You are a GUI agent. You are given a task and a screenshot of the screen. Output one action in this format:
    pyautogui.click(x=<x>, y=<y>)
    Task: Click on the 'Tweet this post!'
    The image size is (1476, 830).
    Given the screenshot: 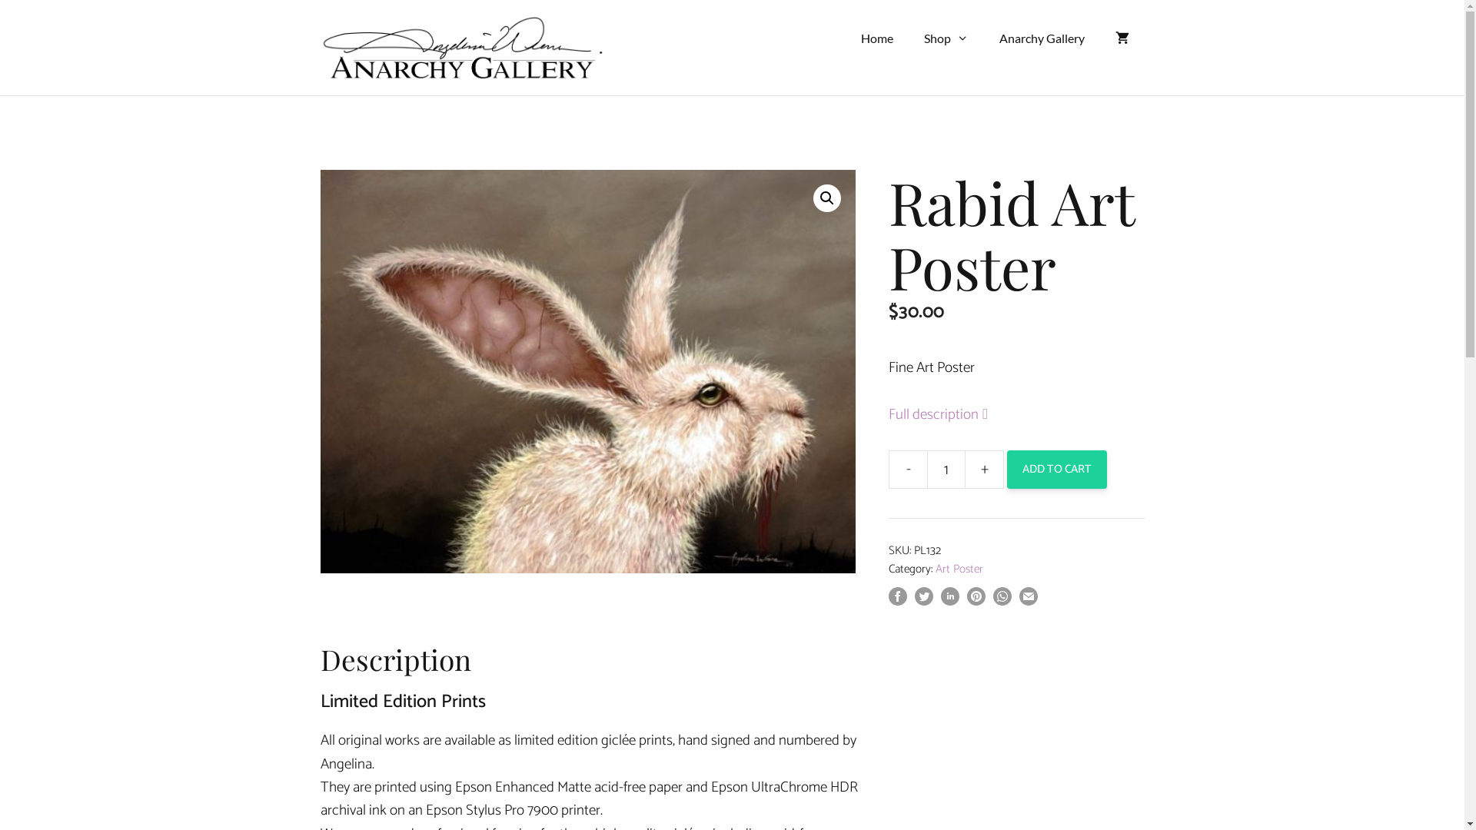 What is the action you would take?
    pyautogui.click(x=922, y=600)
    